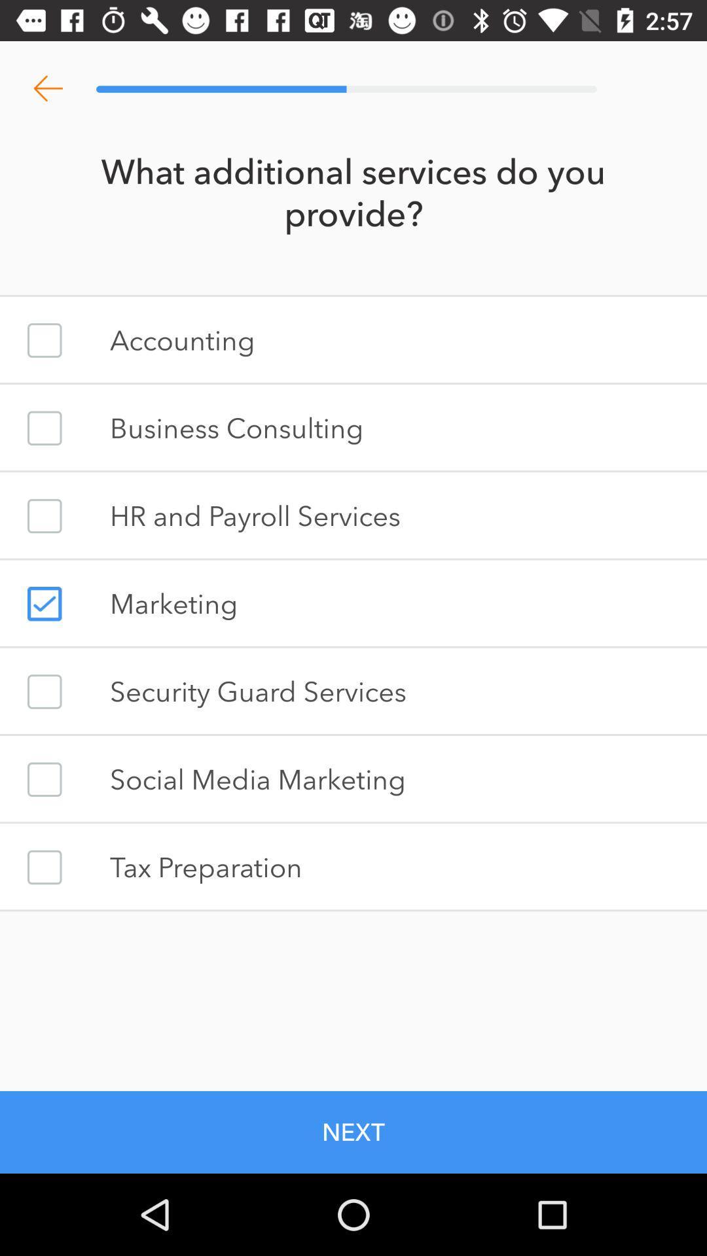 The image size is (707, 1256). What do you see at coordinates (353, 1132) in the screenshot?
I see `item below tax preparation item` at bounding box center [353, 1132].